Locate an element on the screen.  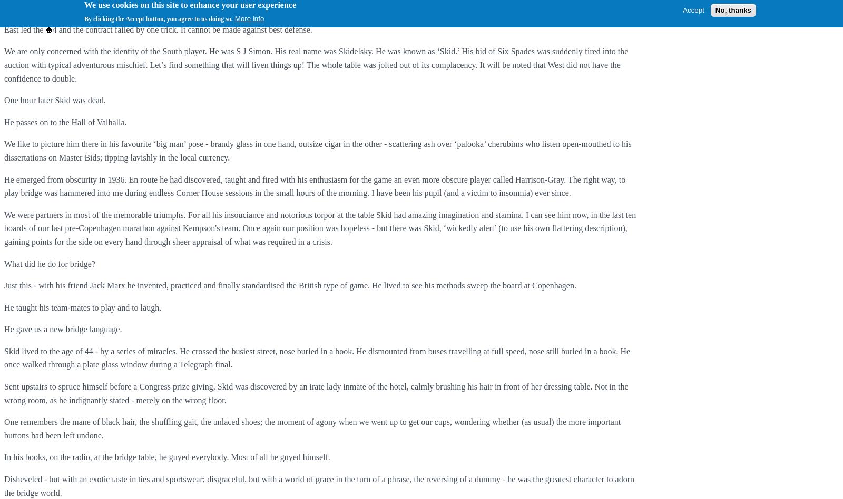
'By clicking the Accept button, you agree to us doing so.' is located at coordinates (158, 19).